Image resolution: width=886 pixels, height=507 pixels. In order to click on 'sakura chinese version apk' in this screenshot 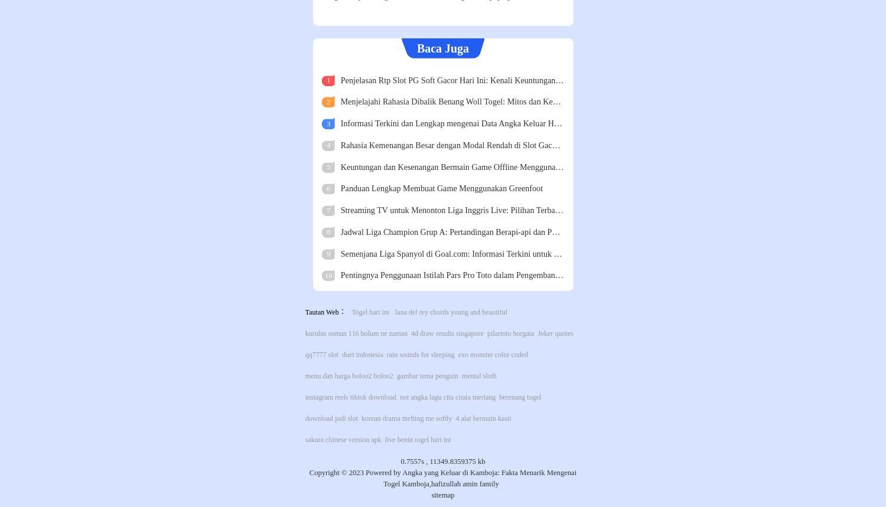, I will do `click(342, 438)`.